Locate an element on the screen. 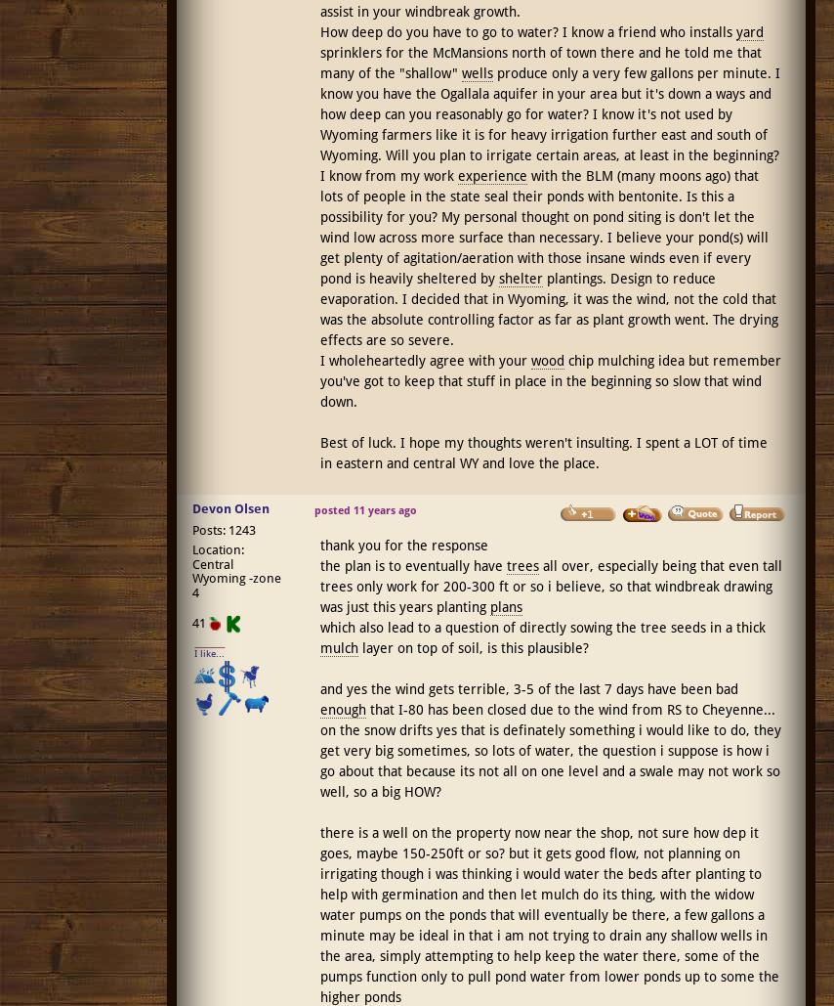 The height and width of the screenshot is (1006, 834). 'produce only a very few gallons per minute. I know you have the Ogallala aquifer in your area but it's down a ways and how deep can you reasonably go for water? I know it's not used by Wyoming farmers like it is for heavy irrigation further east and south of Wyoming. Will you plan to irrigate certain areas, at least in the beginning?' is located at coordinates (548, 112).